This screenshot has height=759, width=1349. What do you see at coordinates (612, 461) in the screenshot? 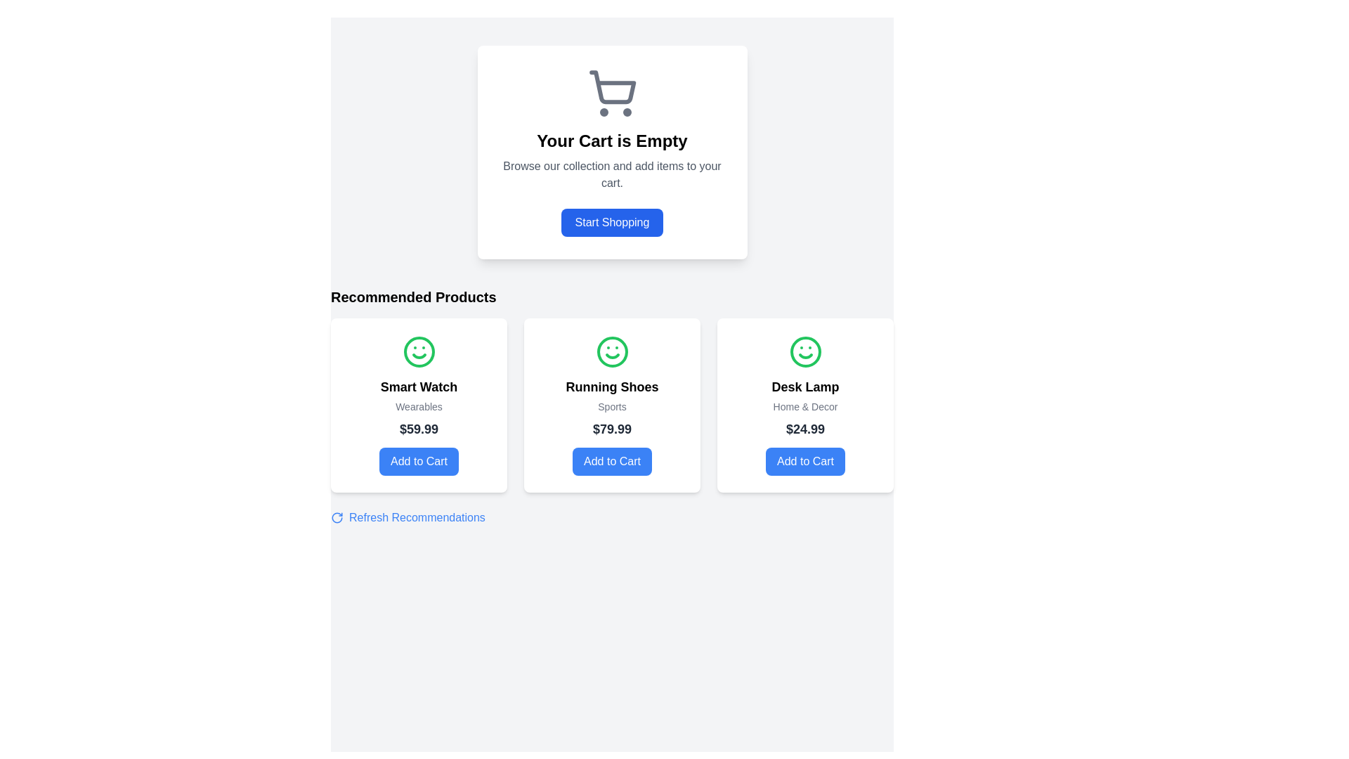
I see `the 'Add to Cart' button with a blue background and white text located at the bottom of the 'Running Shoes' product card` at bounding box center [612, 461].